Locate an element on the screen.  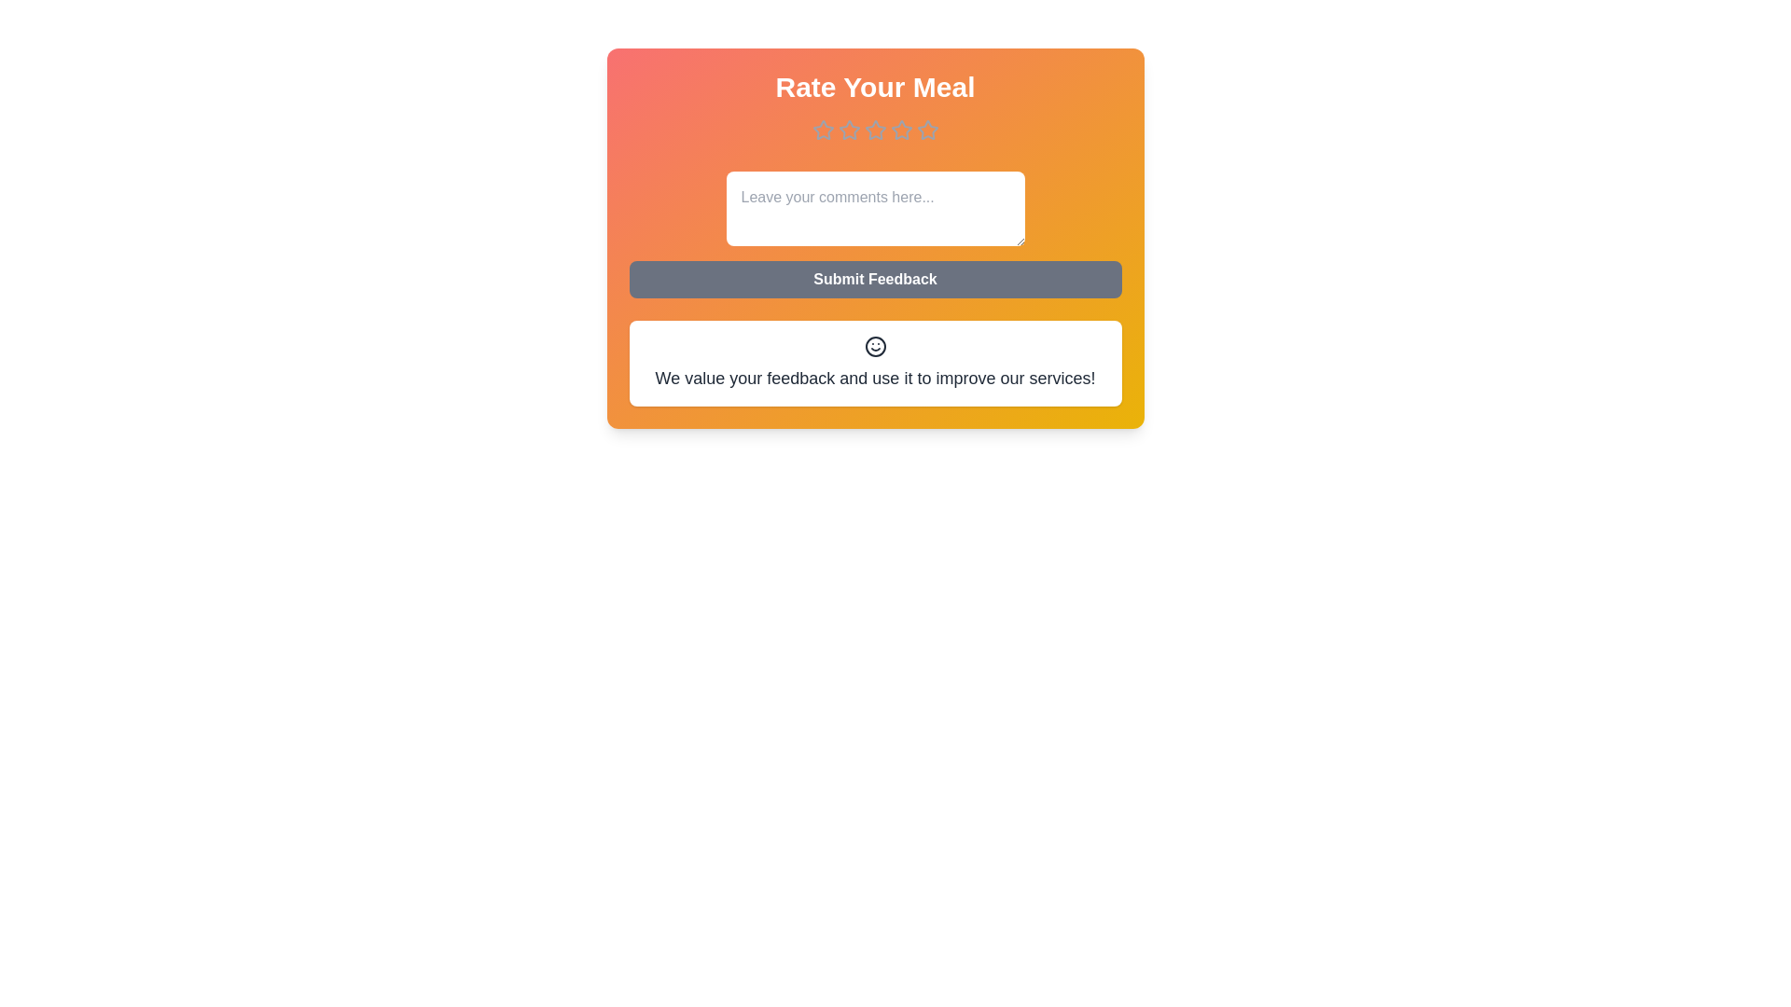
the meal rating to 4 stars by clicking on the corresponding star is located at coordinates (901, 129).